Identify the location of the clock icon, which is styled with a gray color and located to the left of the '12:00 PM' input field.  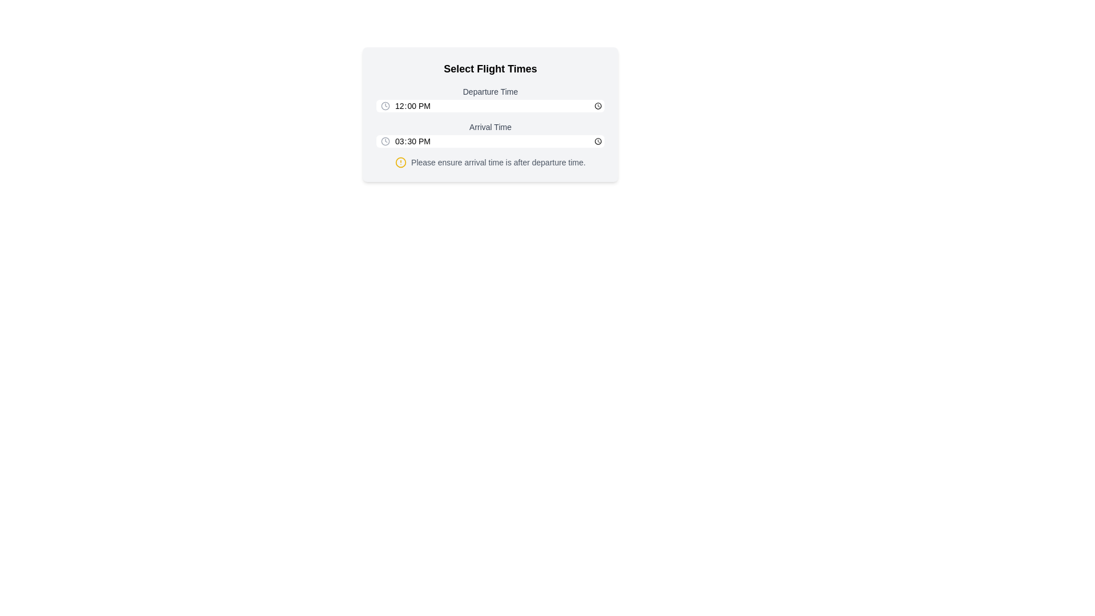
(386, 106).